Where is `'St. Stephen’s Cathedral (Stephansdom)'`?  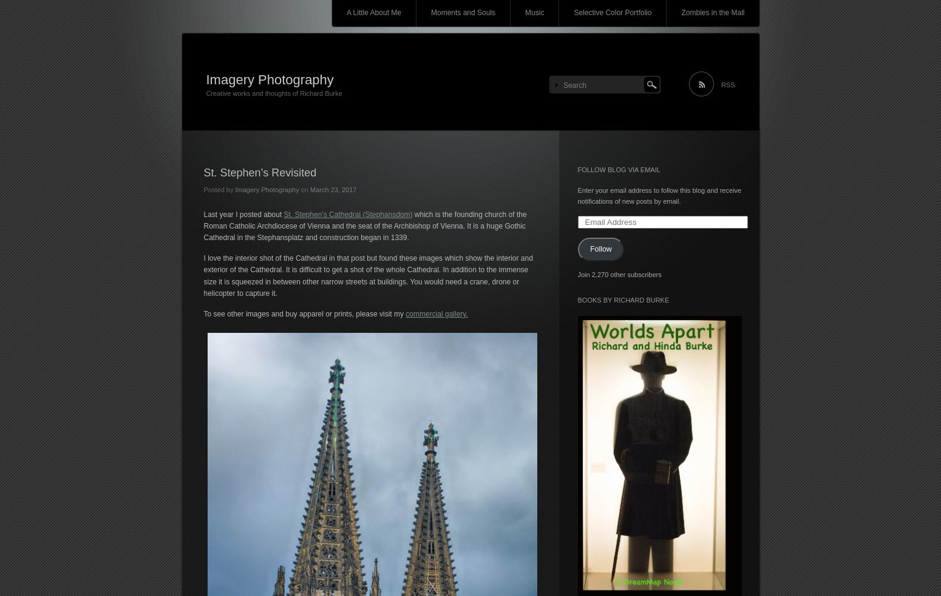 'St. Stephen’s Cathedral (Stephansdom)' is located at coordinates (283, 213).